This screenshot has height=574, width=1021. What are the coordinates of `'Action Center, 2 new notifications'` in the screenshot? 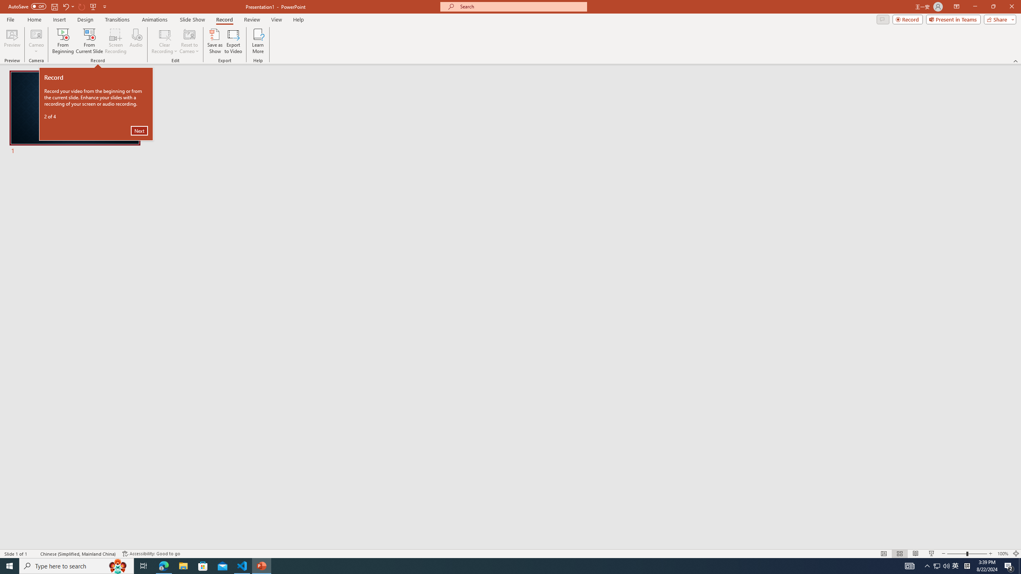 It's located at (1009, 565).